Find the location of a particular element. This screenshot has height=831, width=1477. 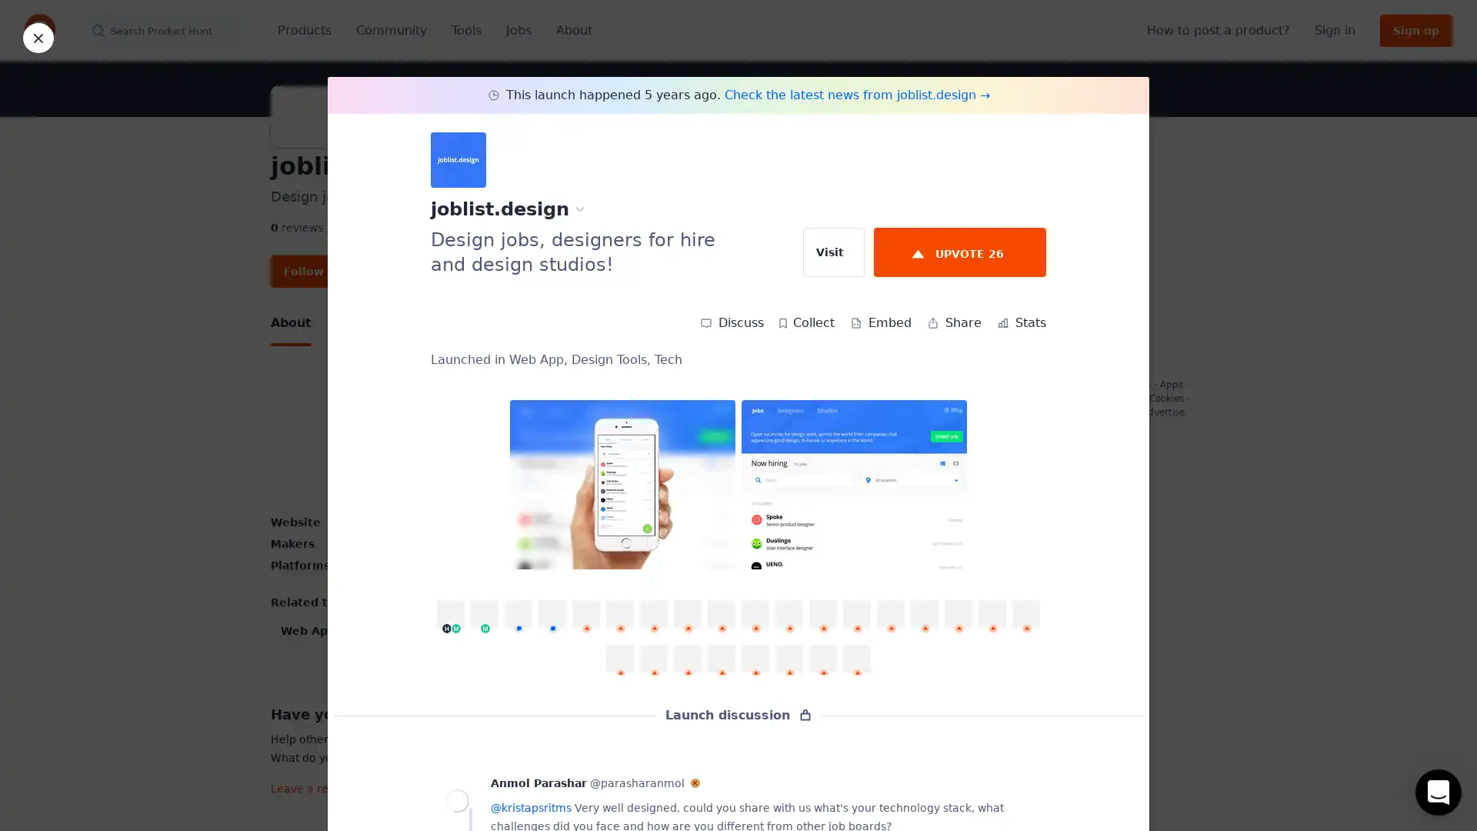

Follow for updates is located at coordinates (340, 271).